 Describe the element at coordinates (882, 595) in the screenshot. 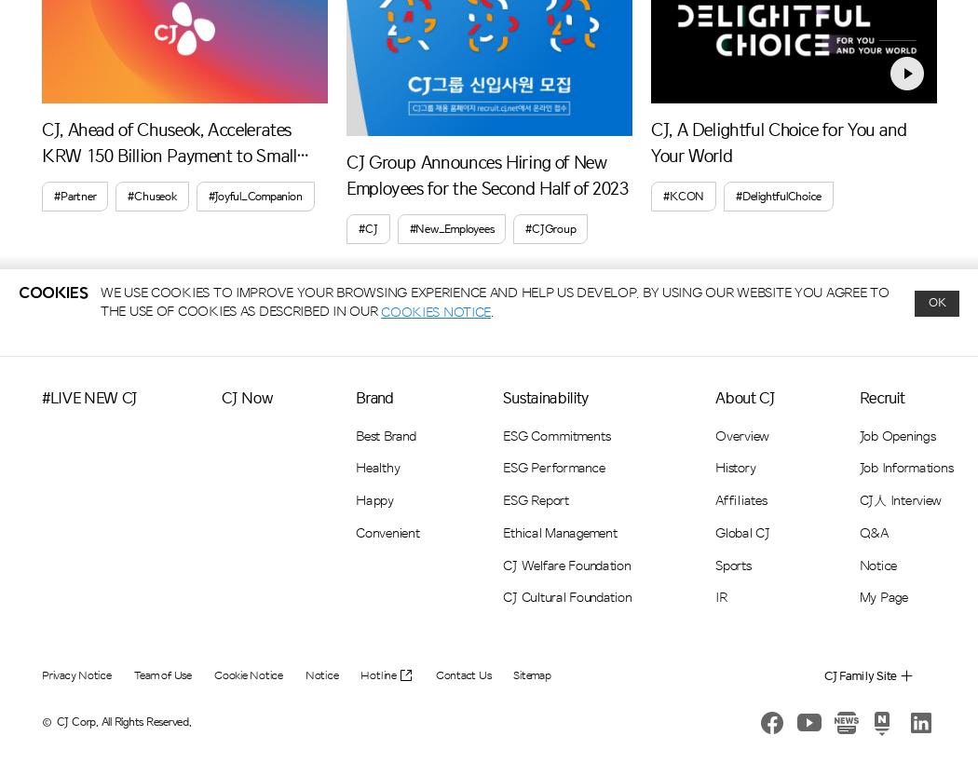

I see `'My Page'` at that location.